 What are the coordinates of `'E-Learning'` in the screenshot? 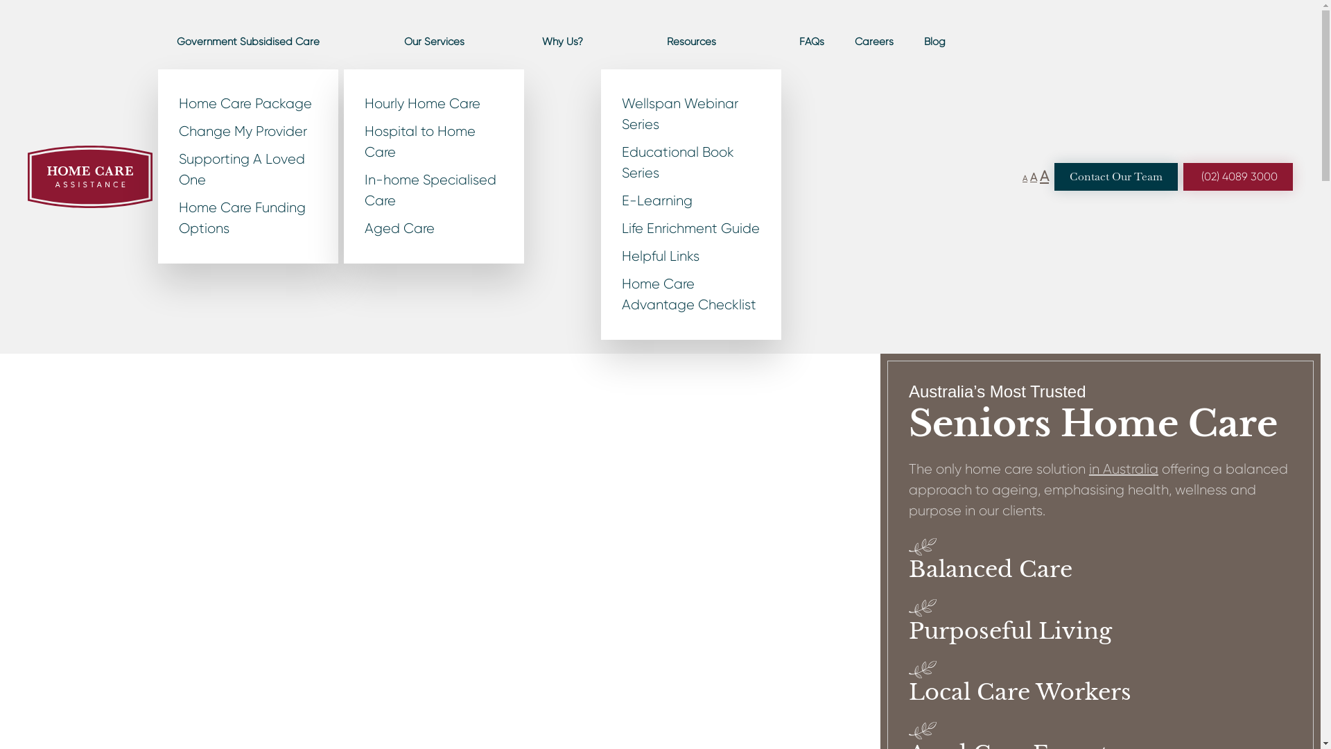 It's located at (691, 200).